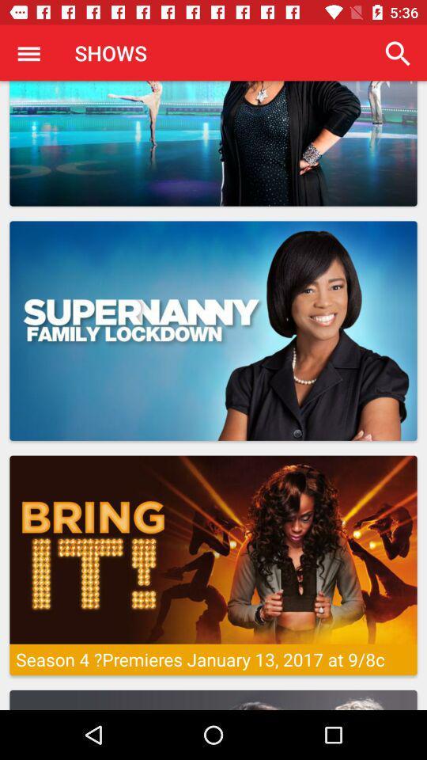 This screenshot has height=760, width=427. What do you see at coordinates (397, 53) in the screenshot?
I see `item at the top right corner` at bounding box center [397, 53].